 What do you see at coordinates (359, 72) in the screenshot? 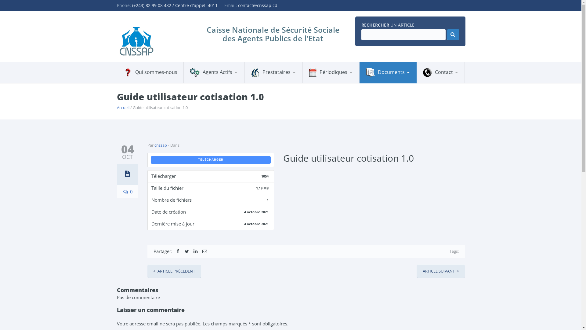
I see `'Documents'` at bounding box center [359, 72].